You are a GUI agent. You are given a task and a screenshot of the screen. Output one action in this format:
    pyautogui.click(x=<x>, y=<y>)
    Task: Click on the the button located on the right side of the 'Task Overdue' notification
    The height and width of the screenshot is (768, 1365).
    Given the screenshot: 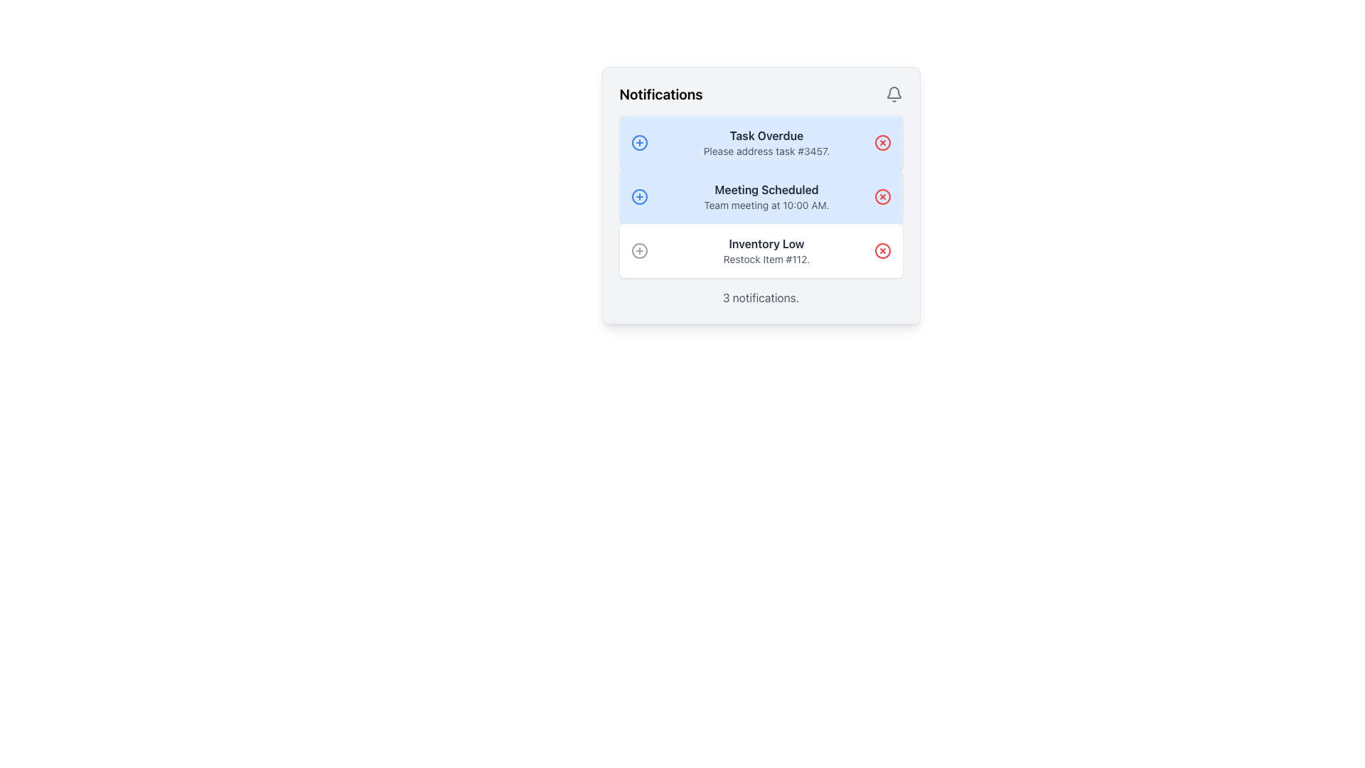 What is the action you would take?
    pyautogui.click(x=882, y=142)
    